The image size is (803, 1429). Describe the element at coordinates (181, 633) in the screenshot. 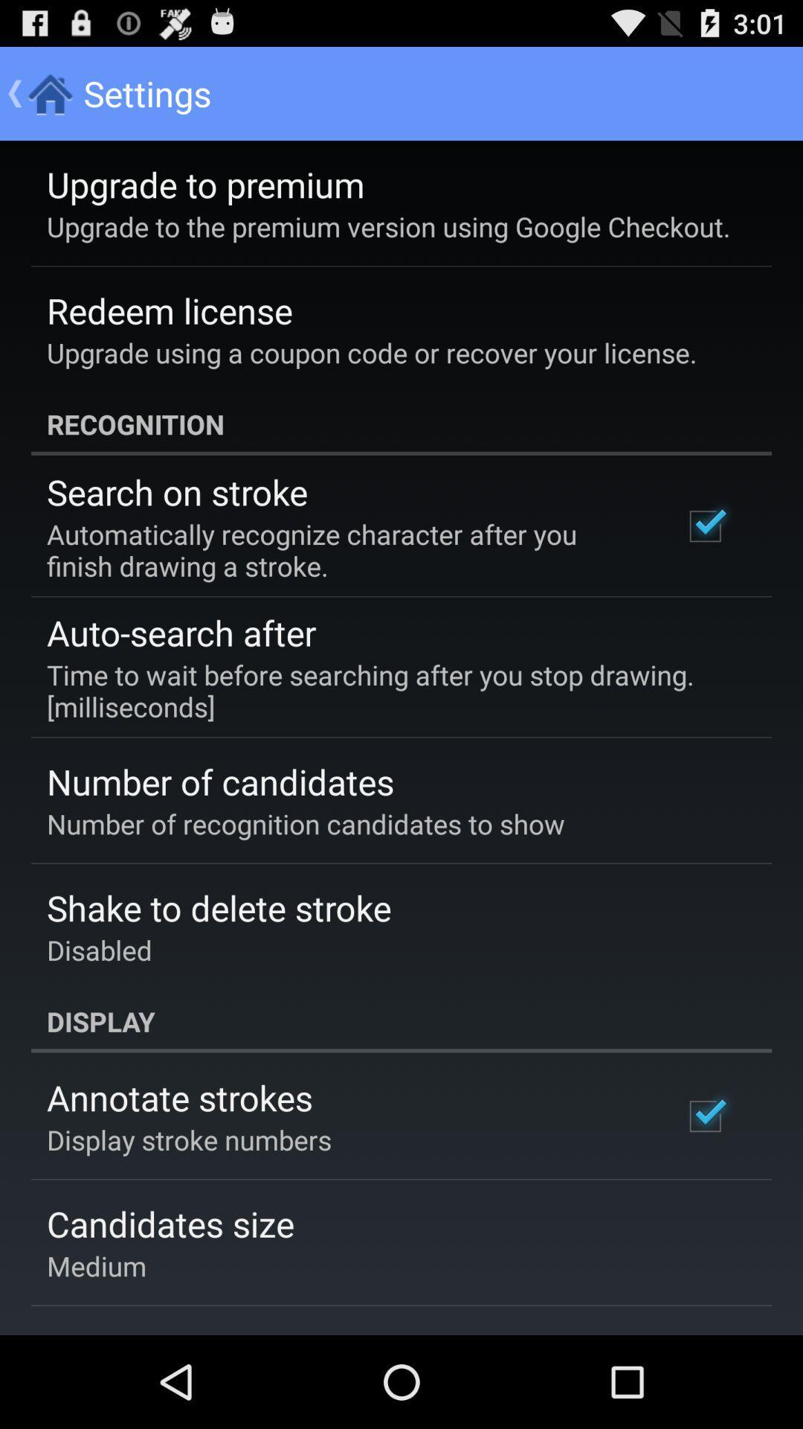

I see `the auto-search after` at that location.